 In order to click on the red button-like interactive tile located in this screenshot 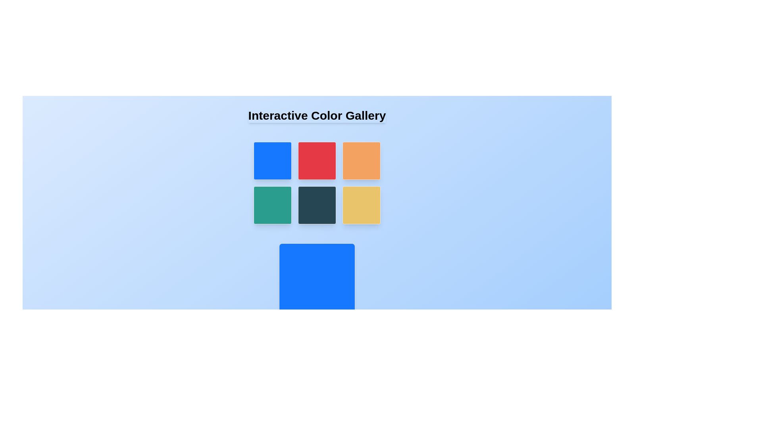, I will do `click(316, 160)`.